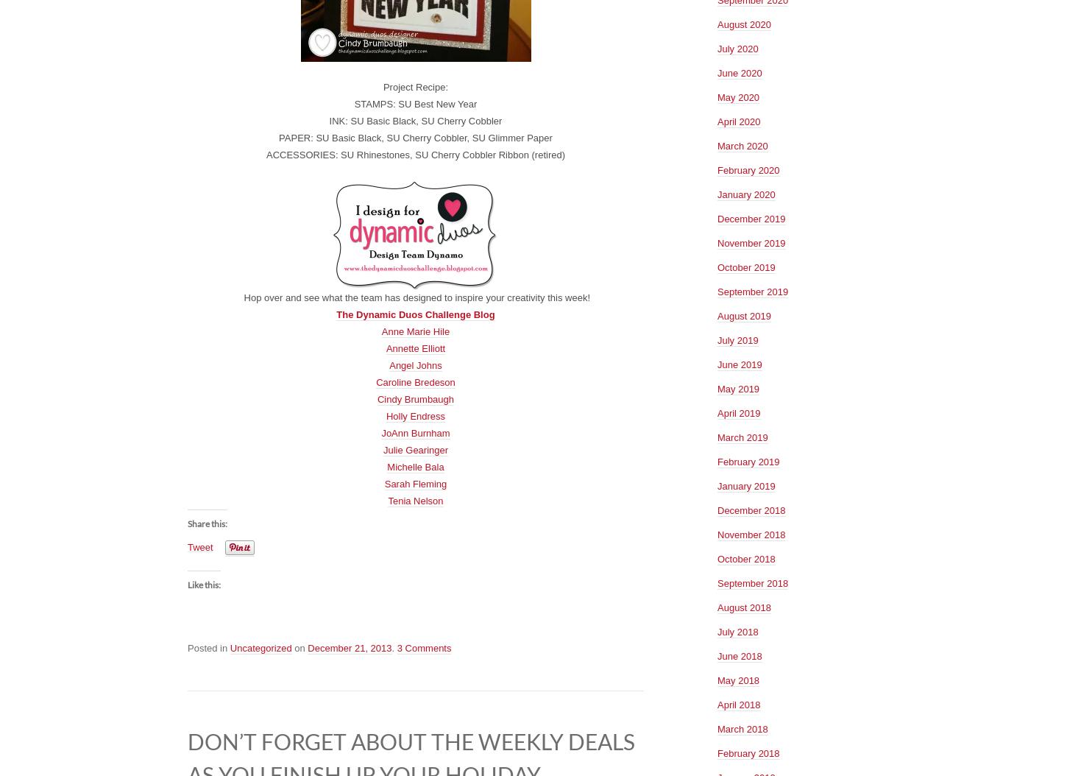 This screenshot has width=1067, height=776. What do you see at coordinates (738, 412) in the screenshot?
I see `'April 2019'` at bounding box center [738, 412].